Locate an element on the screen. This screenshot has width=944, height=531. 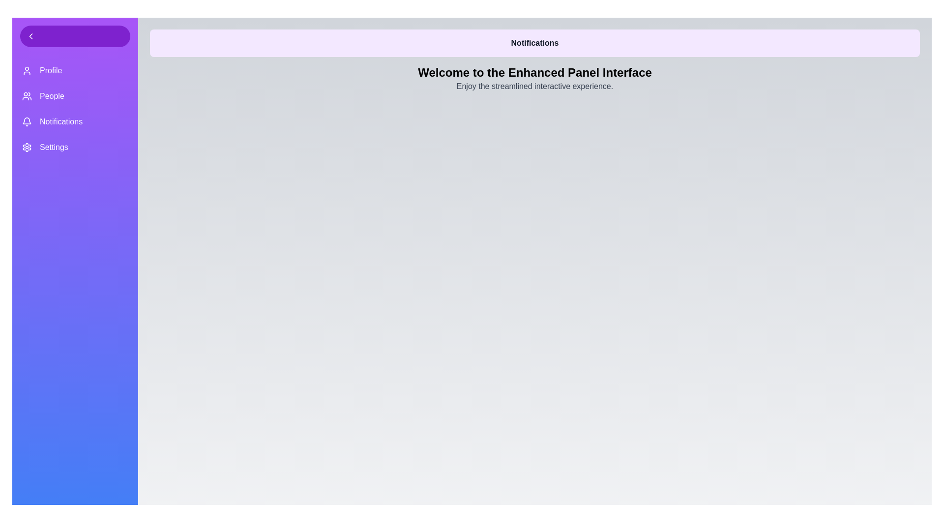
the menu item Notifications from the menu is located at coordinates (75, 121).